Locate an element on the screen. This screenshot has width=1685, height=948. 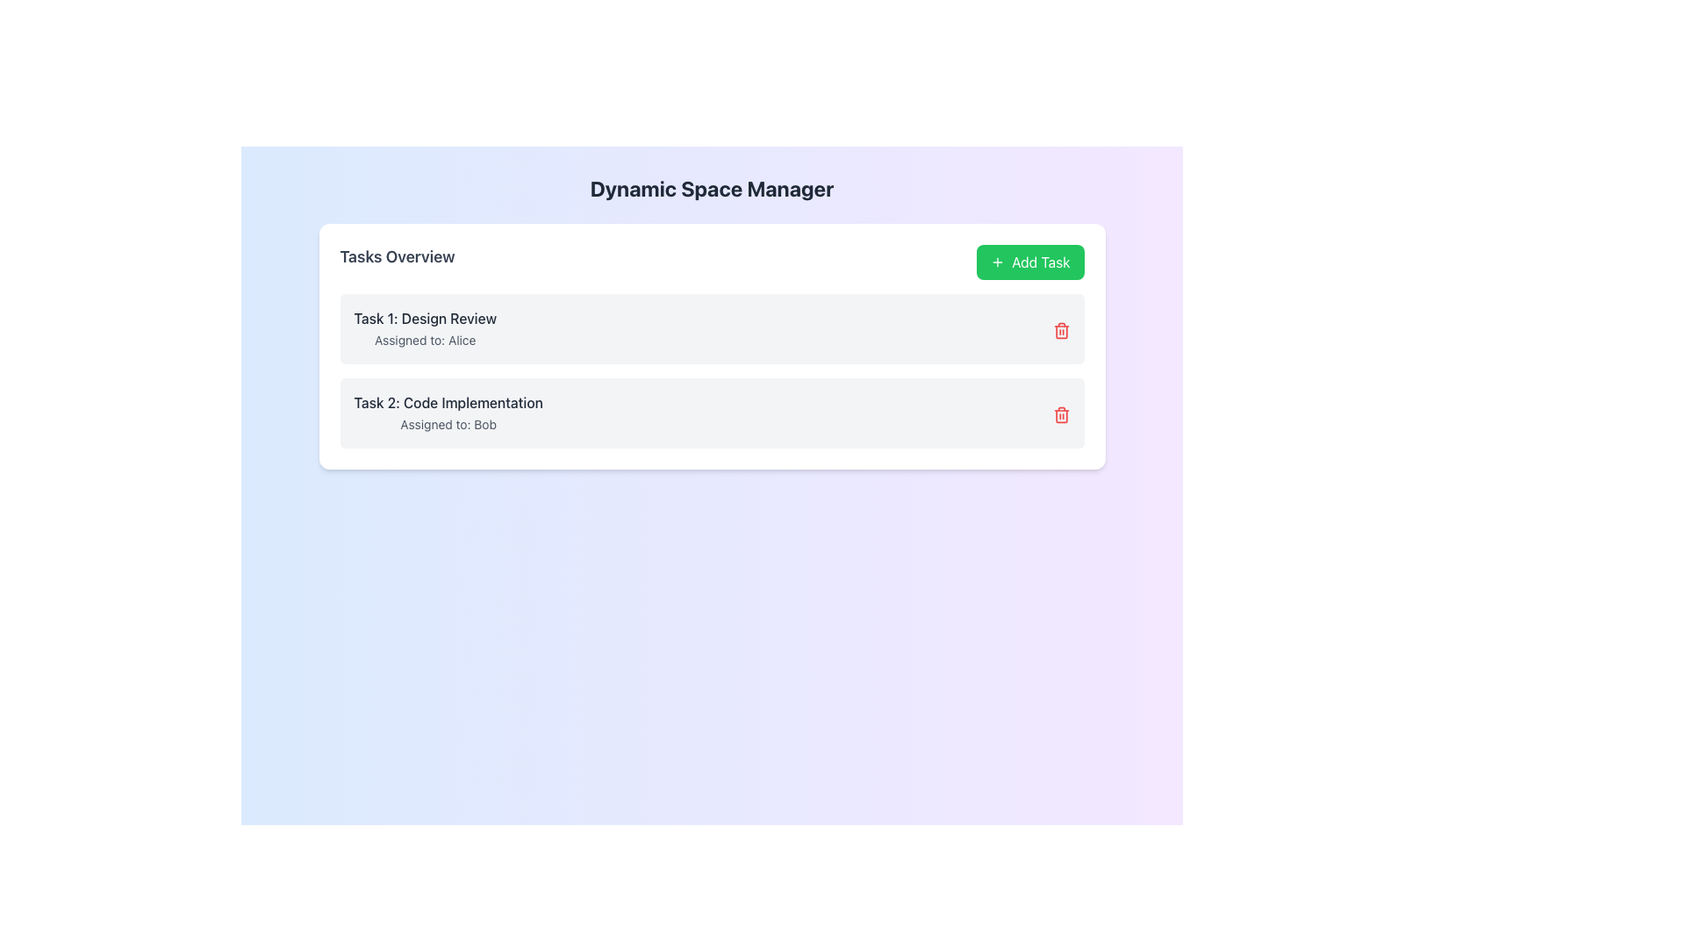
the second task block in the 'Tasks Overview' section is located at coordinates (448, 413).